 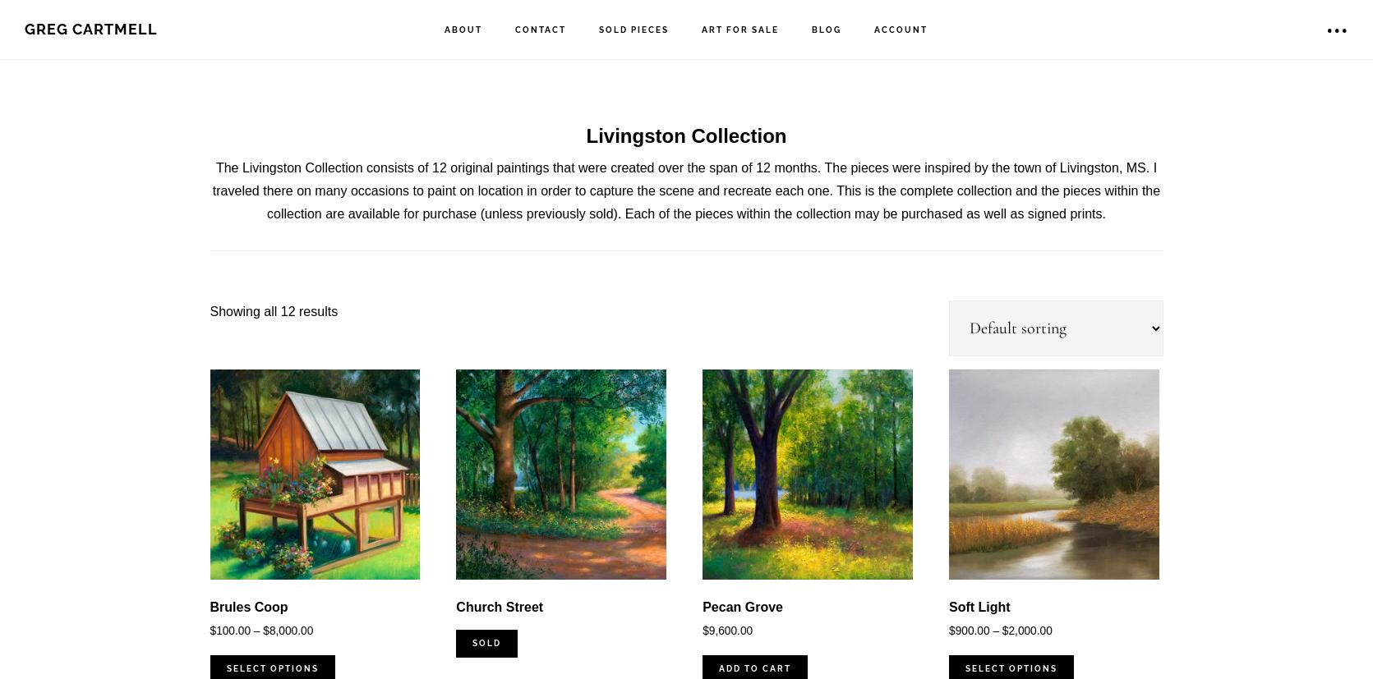 I want to click on '900.00', so click(x=955, y=630).